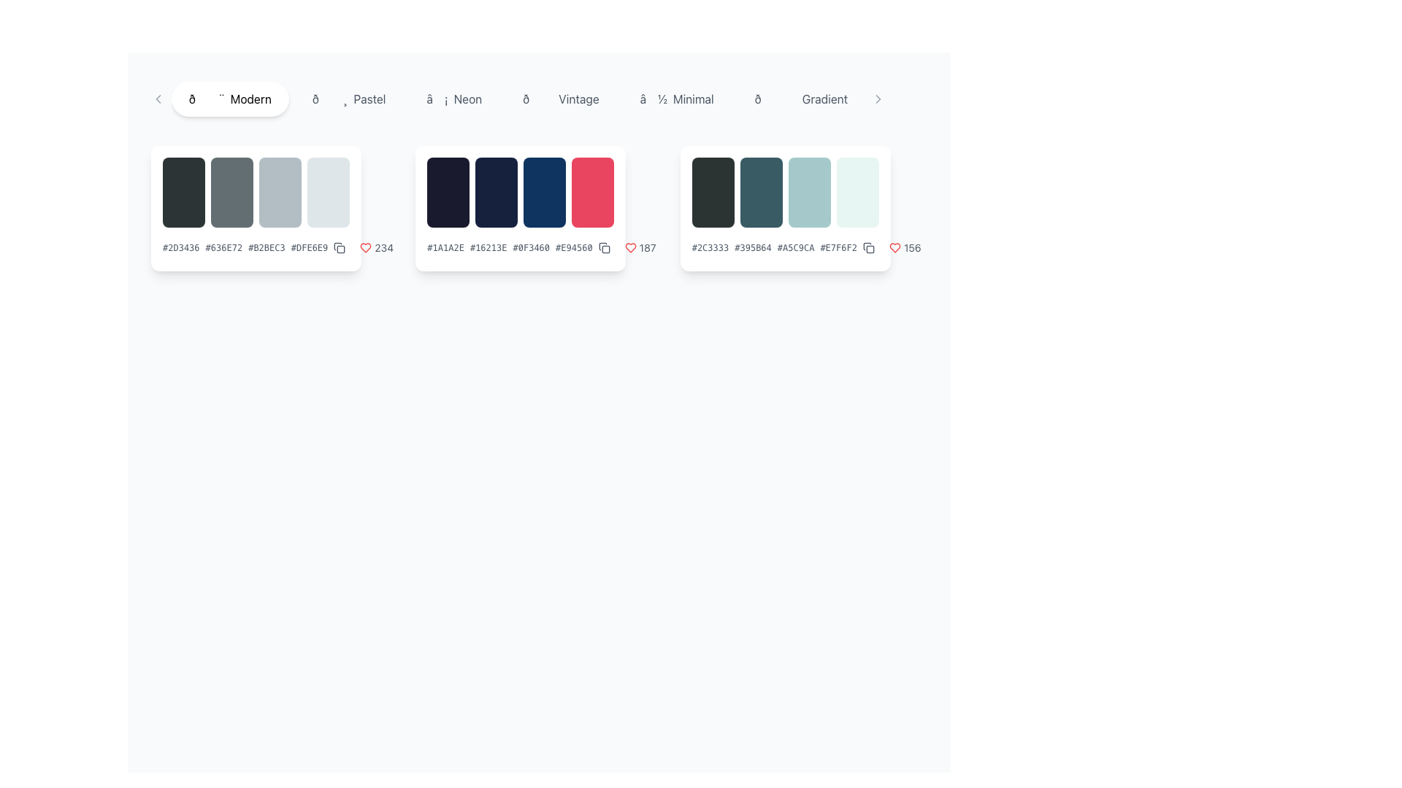 Image resolution: width=1402 pixels, height=788 pixels. Describe the element at coordinates (337, 246) in the screenshot. I see `the SVG icon within the button located to the right of the palette card displaying the code '#2D3436 #636E72 #B2BEC3 #DFE6E9' to initiate the copy action` at that location.